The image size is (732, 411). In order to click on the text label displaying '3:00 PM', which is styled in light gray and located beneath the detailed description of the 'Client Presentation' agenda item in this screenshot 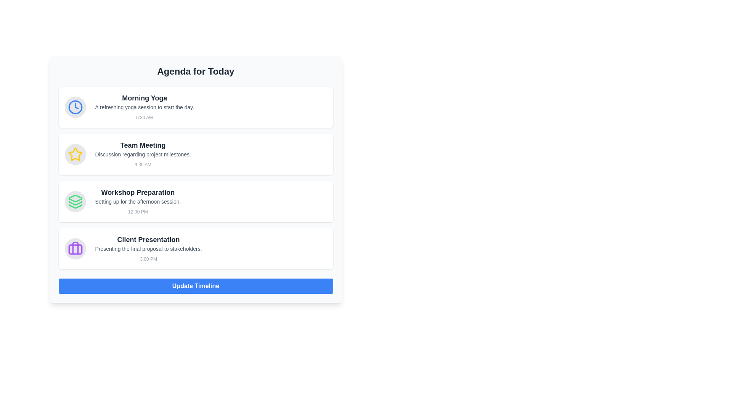, I will do `click(148, 259)`.